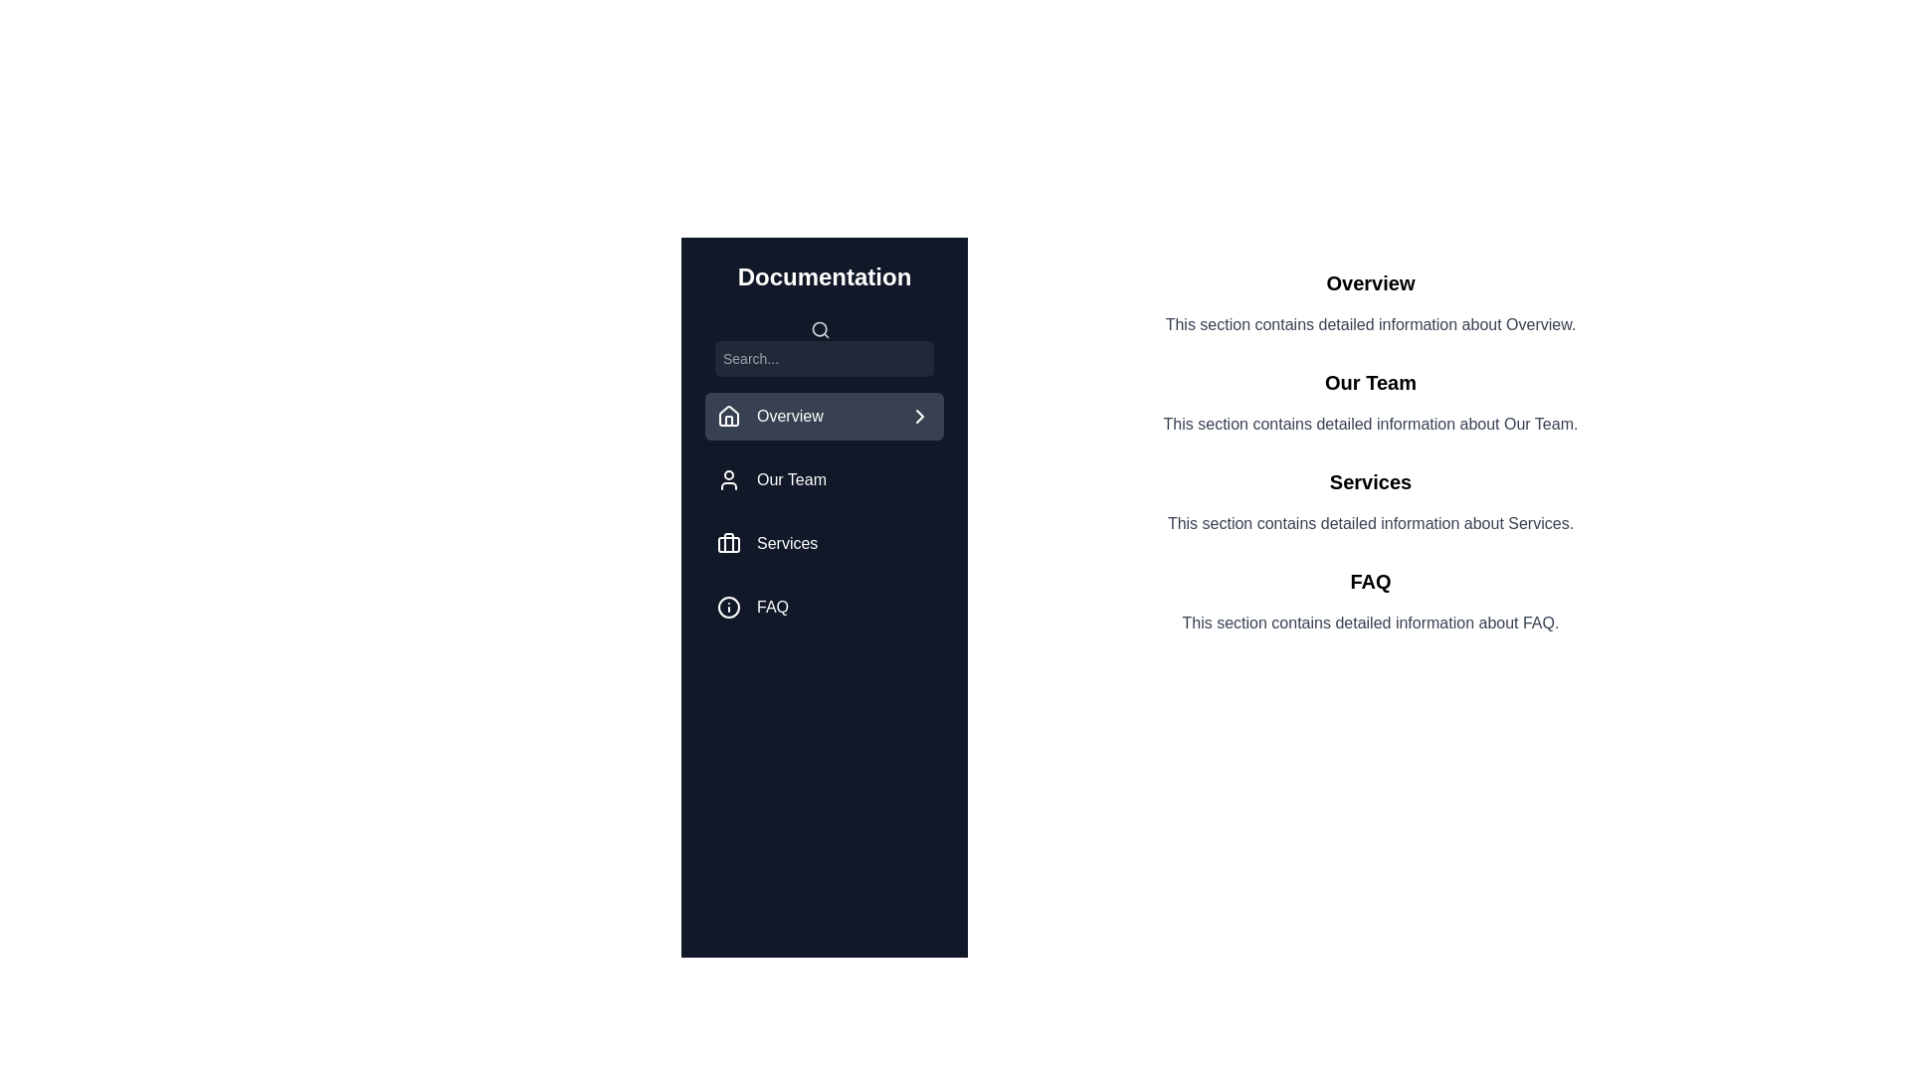  What do you see at coordinates (919, 416) in the screenshot?
I see `the right-pointing chevron icon located in the top menu section adjacent to the 'Overview' label` at bounding box center [919, 416].